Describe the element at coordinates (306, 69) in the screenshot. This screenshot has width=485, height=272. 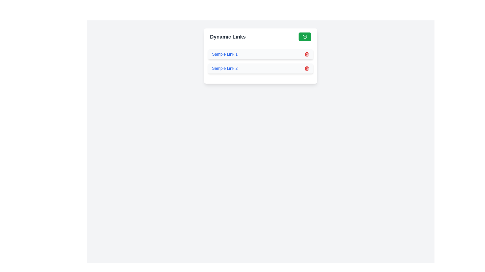
I see `the delete button located on the rightmost side of the list item labeled 'Sample Link 2'` at that location.